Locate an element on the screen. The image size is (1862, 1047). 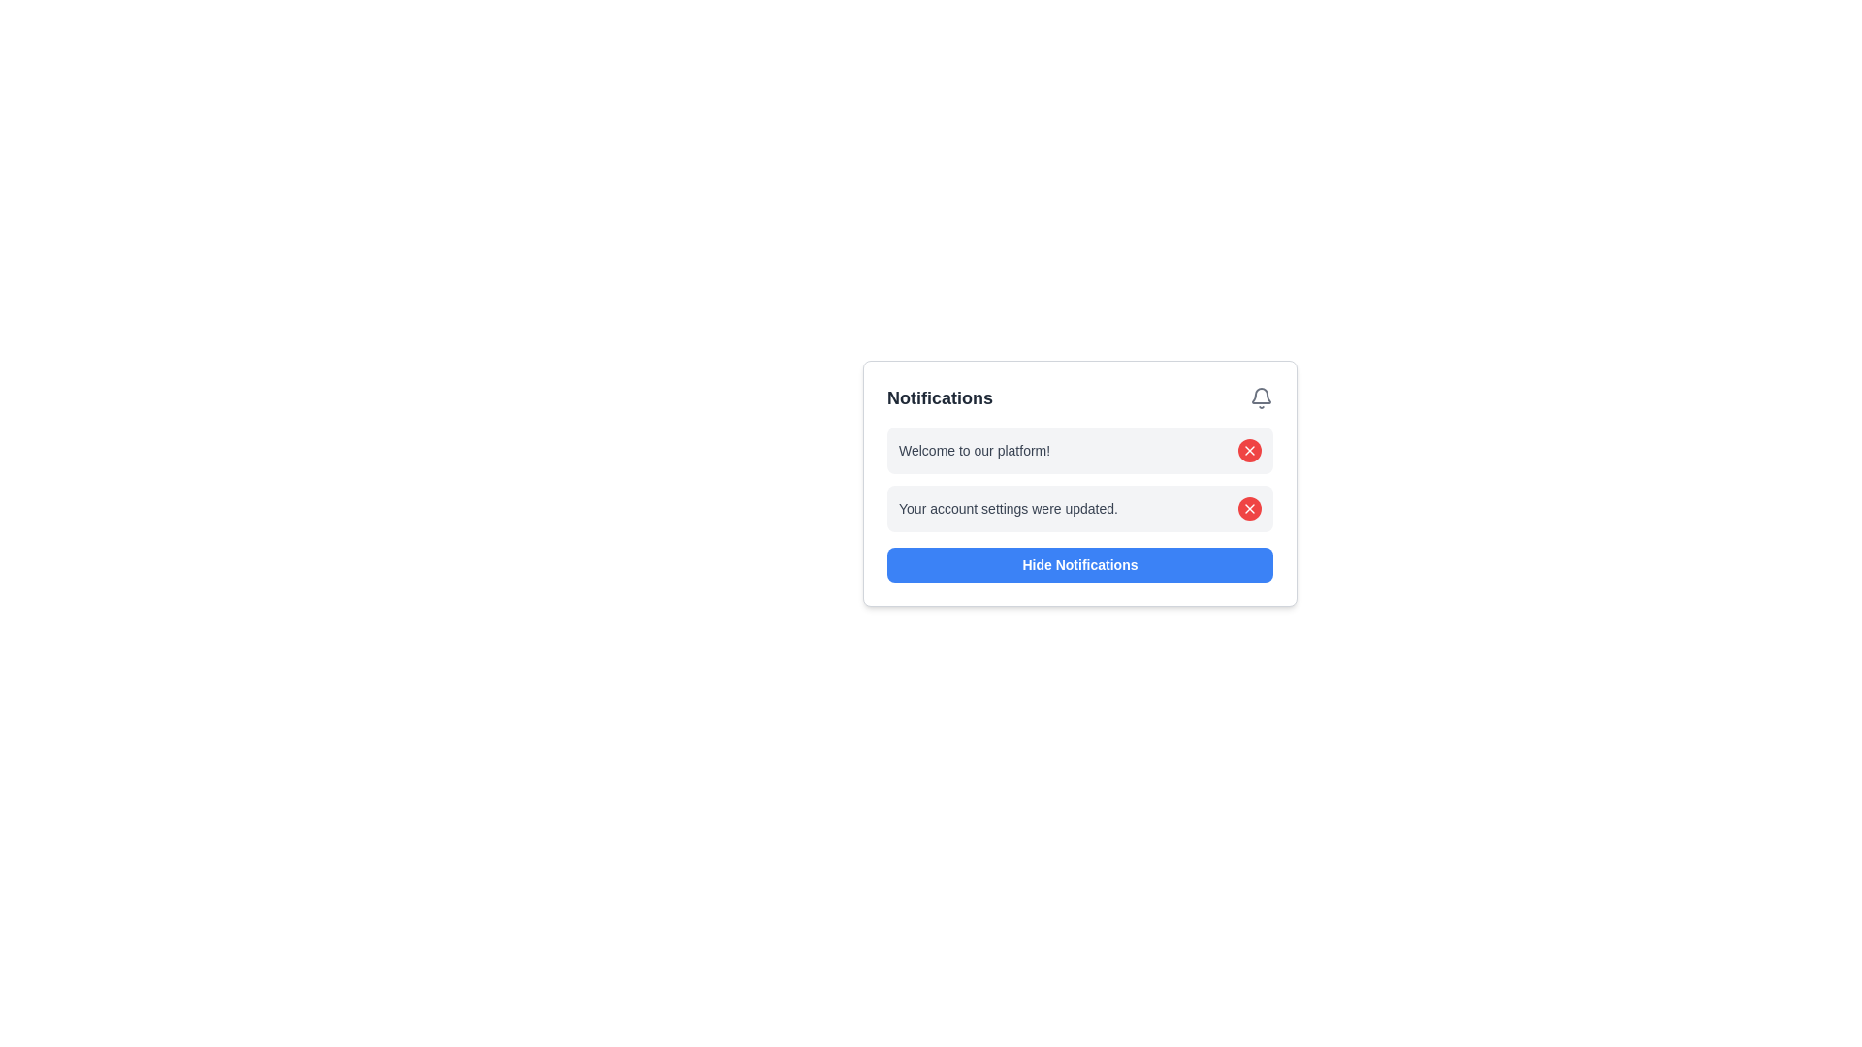
the non-interactive text element that displays the message 'Welcome to our platform!' located in the notification area, positioned under the 'Notifications' header is located at coordinates (975, 451).